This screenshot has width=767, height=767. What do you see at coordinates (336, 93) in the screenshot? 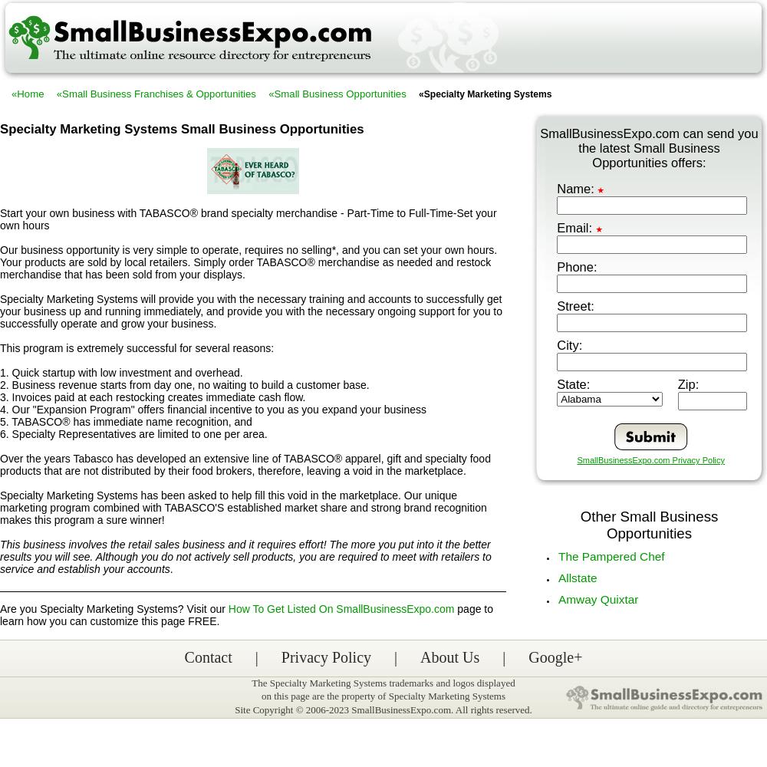
I see `'«Small Business Opportunities'` at bounding box center [336, 93].